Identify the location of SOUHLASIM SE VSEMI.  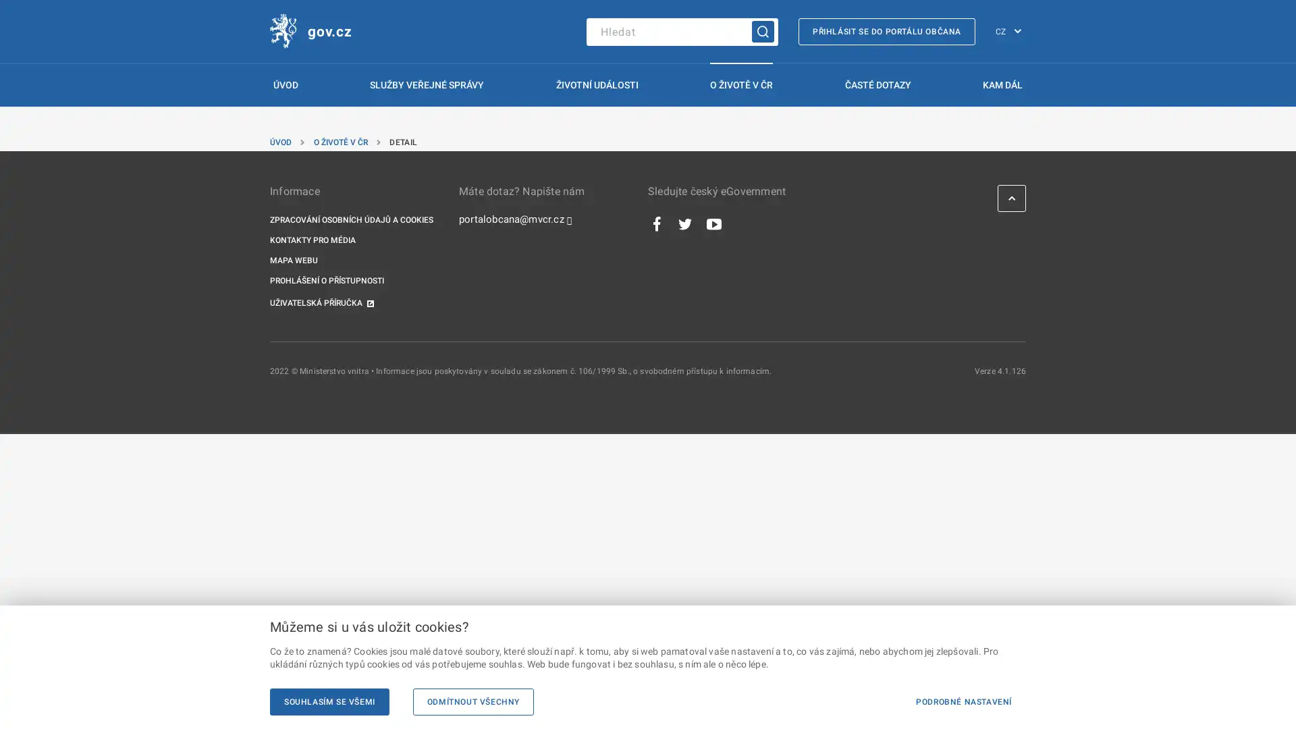
(329, 701).